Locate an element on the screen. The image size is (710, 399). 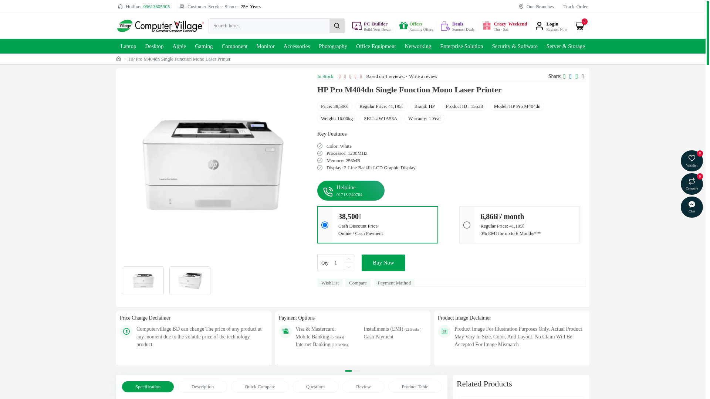
'Review' is located at coordinates (363, 386).